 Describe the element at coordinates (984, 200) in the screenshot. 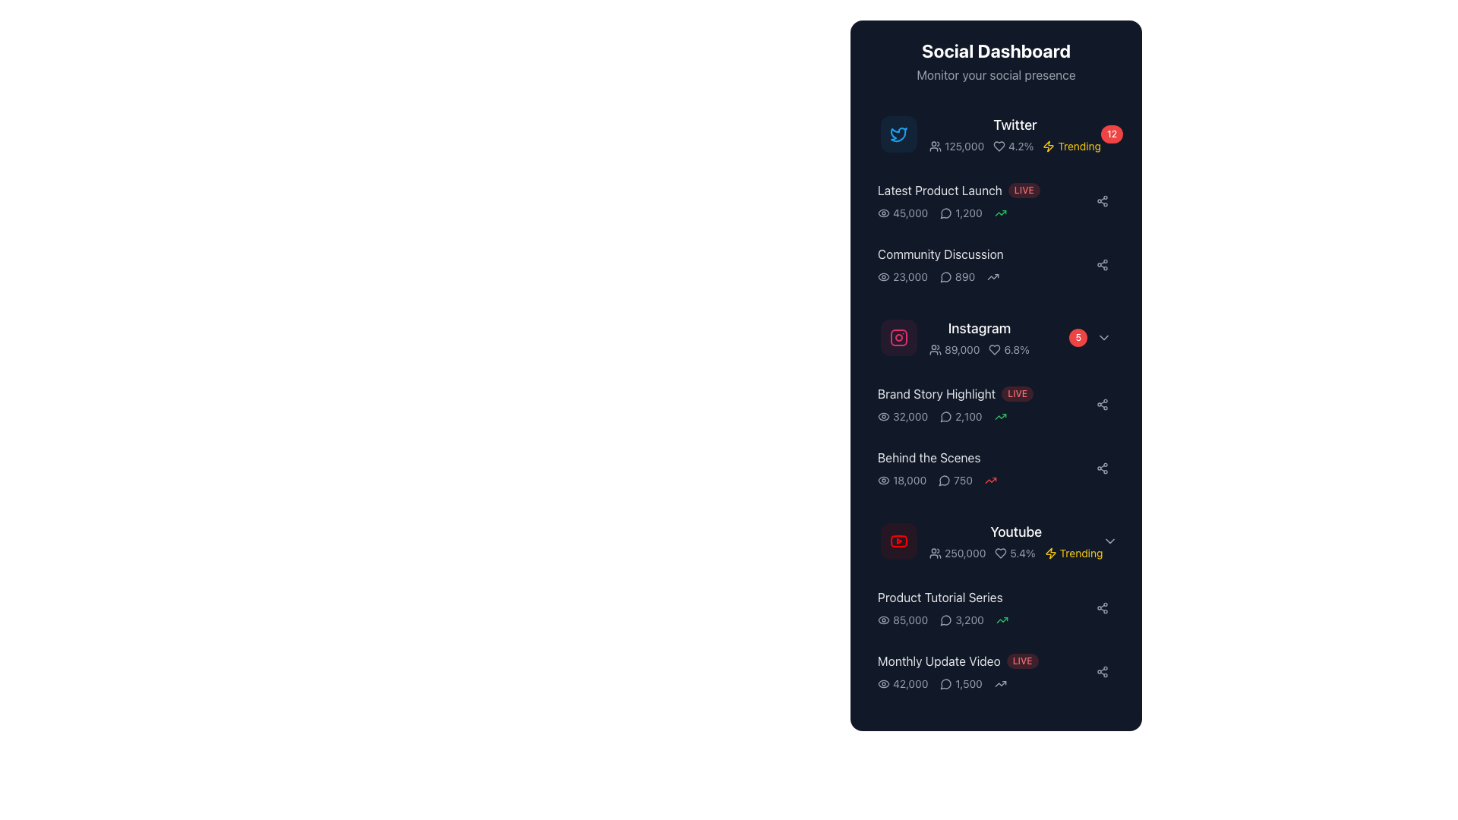

I see `the Dashboard list item summarizing the status of the recent 'Latest Product Launch' social media activity, which is positioned as the second entry in the list, below 'Twitter' and above 'Community Discussion'` at that location.